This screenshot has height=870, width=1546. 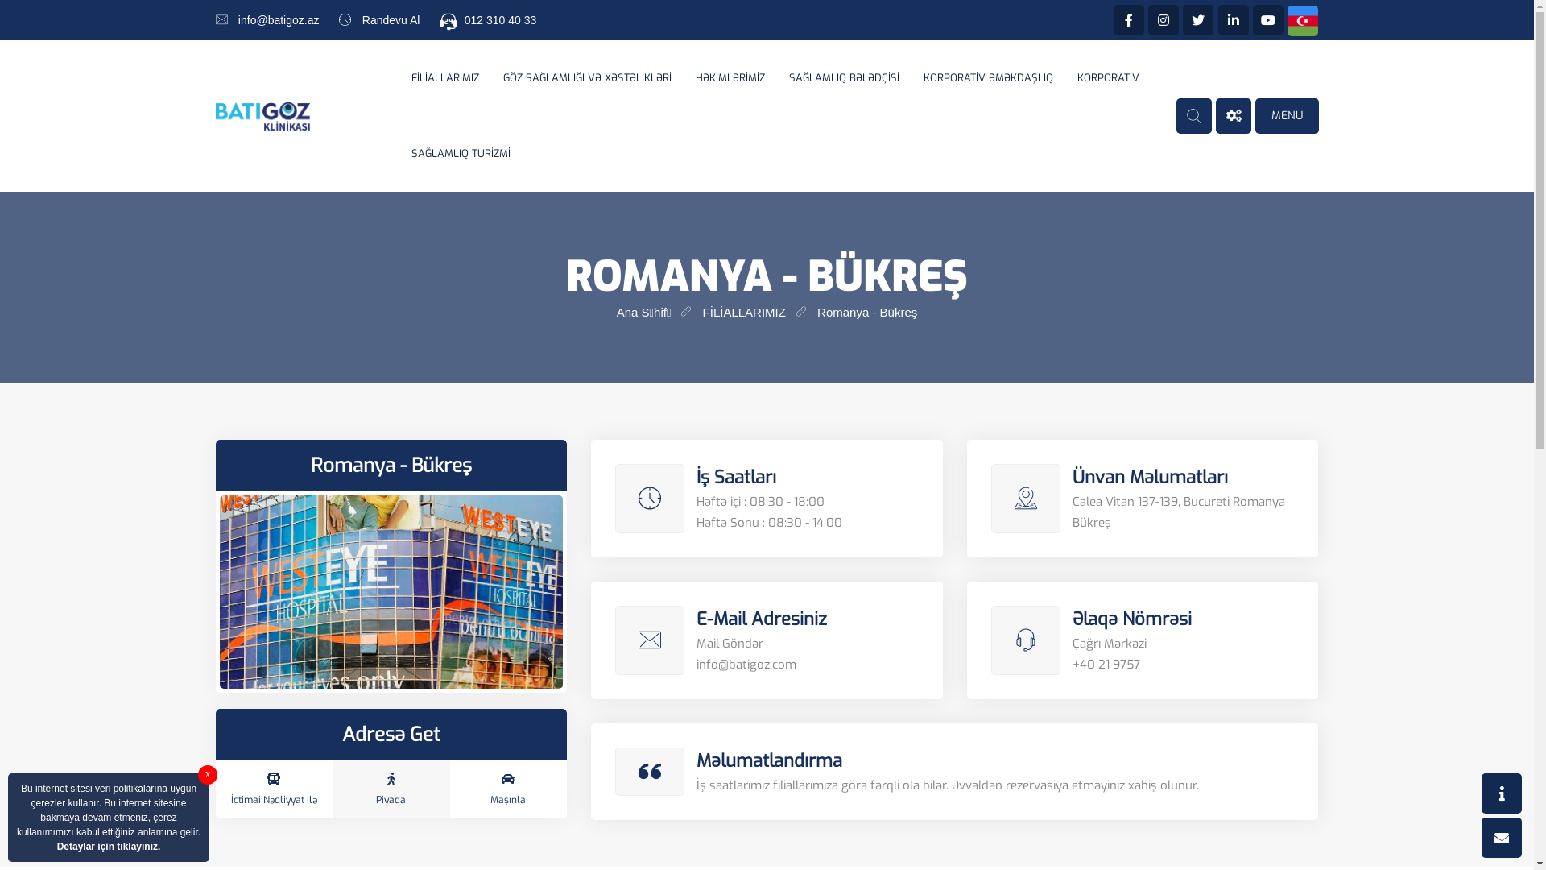 What do you see at coordinates (207, 773) in the screenshot?
I see `'x'` at bounding box center [207, 773].